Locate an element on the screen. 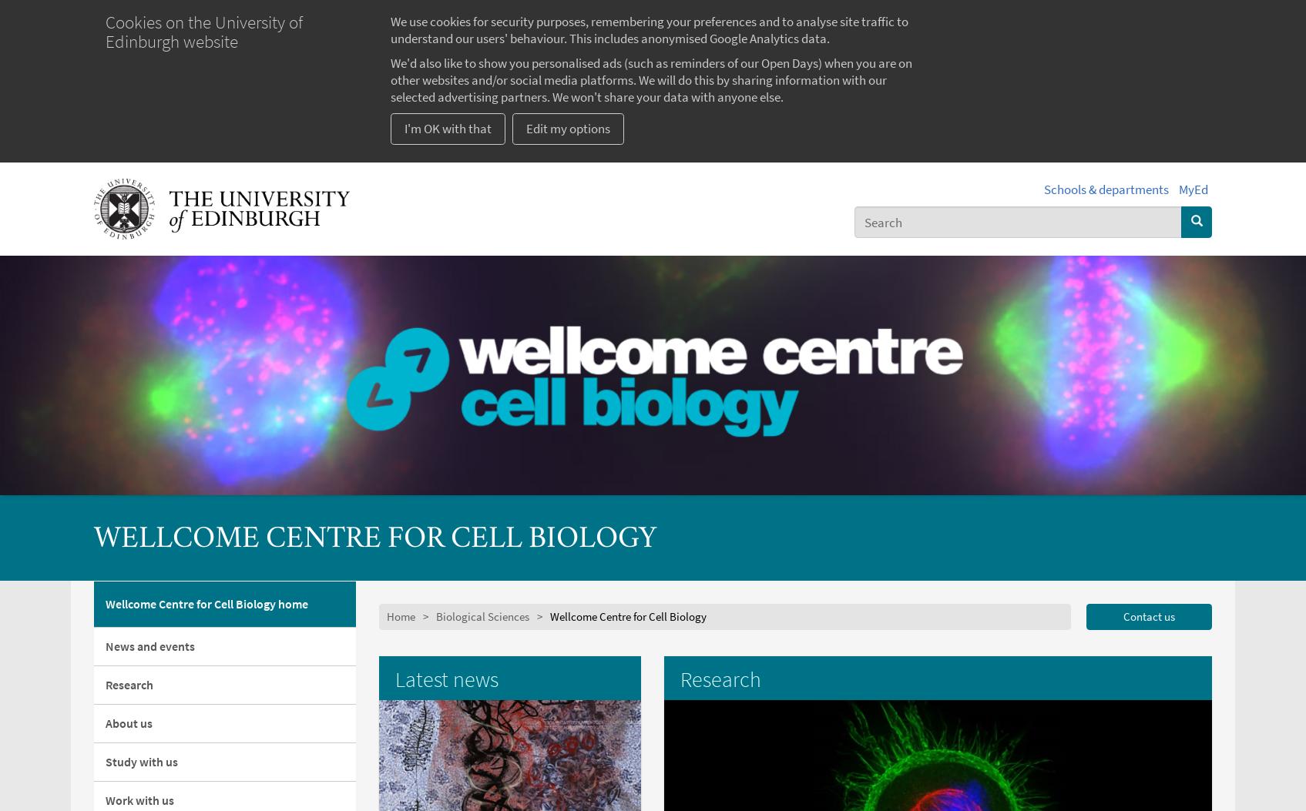 This screenshot has width=1306, height=811. 'About us' is located at coordinates (104, 722).